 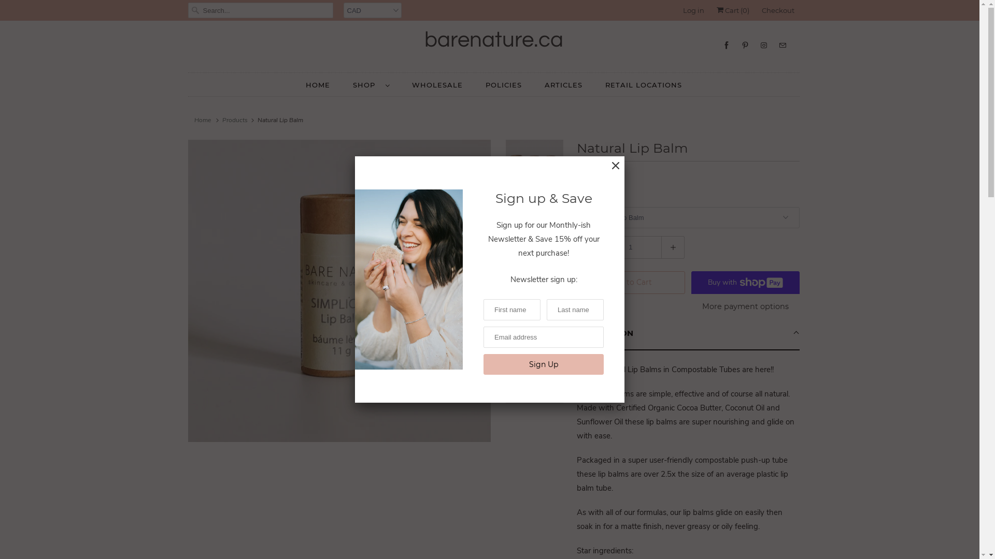 What do you see at coordinates (763, 45) in the screenshot?
I see `'barenature.ca on Instagram'` at bounding box center [763, 45].